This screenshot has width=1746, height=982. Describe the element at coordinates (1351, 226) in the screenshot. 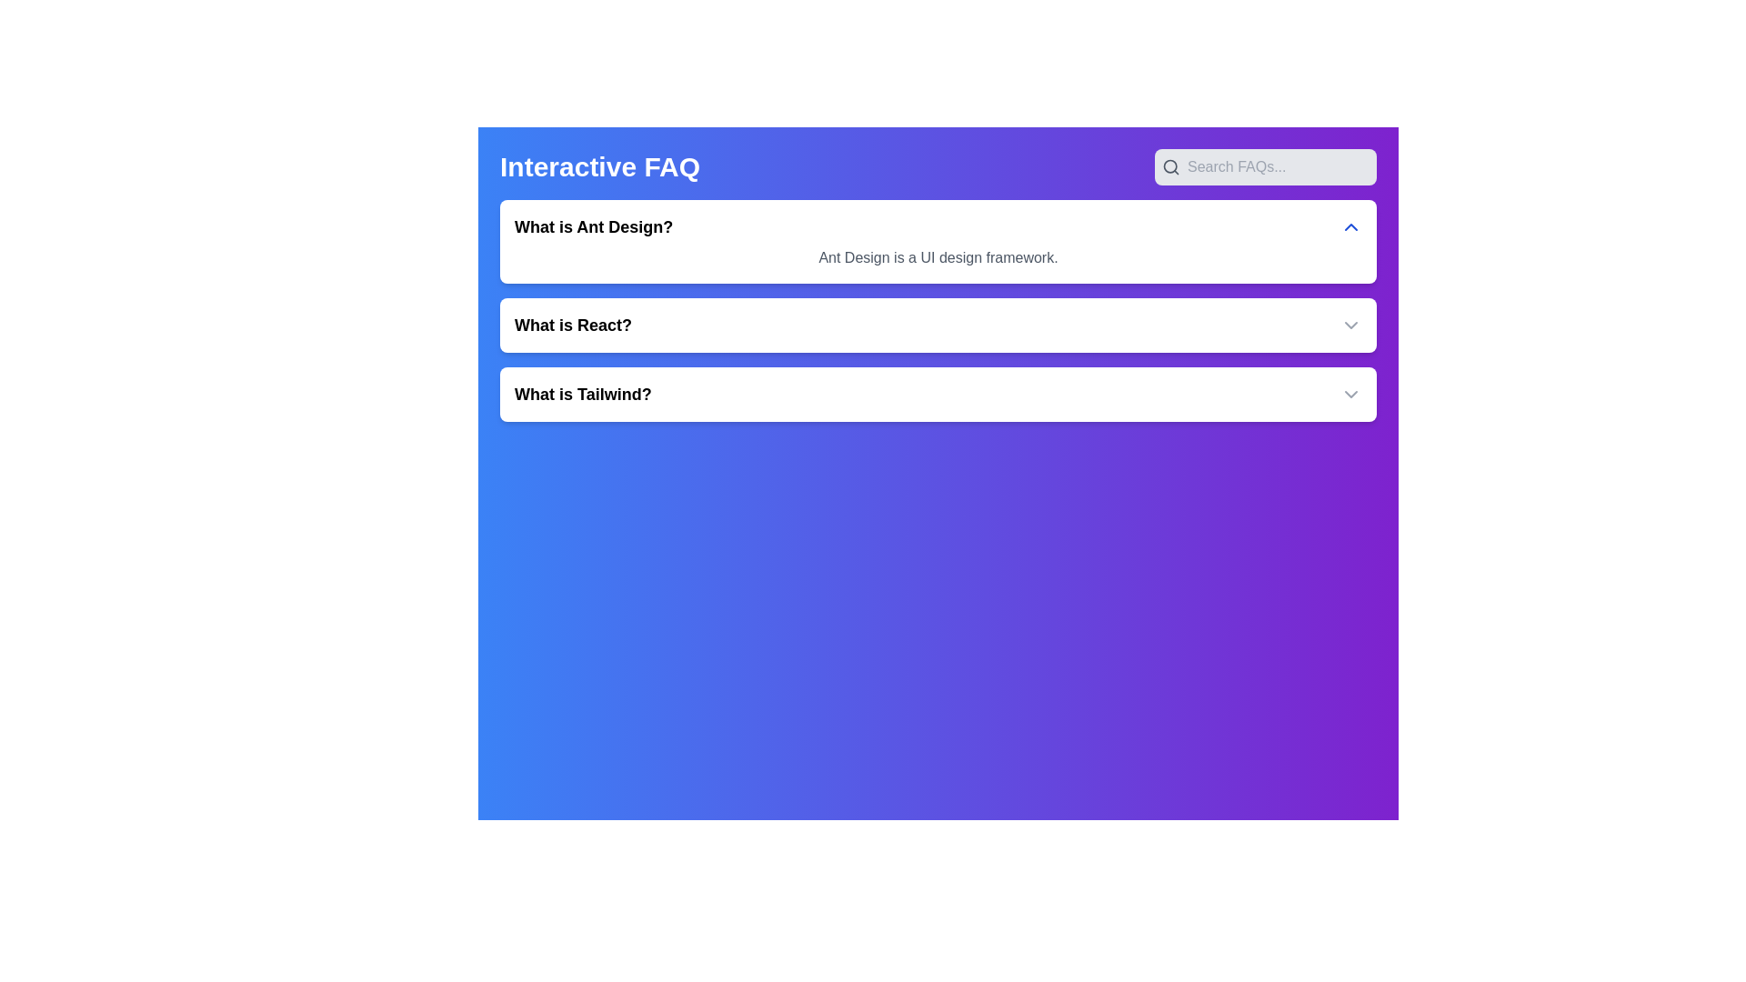

I see `the collapse/expand icon located in the header of the first FAQ item titled 'What is Ant Design?'` at that location.